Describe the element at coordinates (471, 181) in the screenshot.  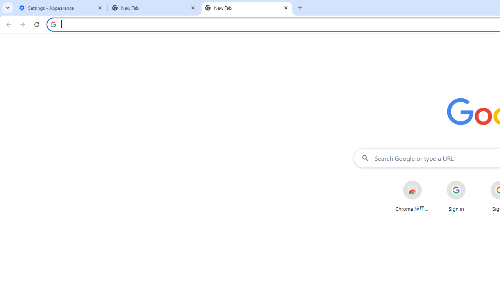
I see `'More actions for Sign in shortcut'` at that location.